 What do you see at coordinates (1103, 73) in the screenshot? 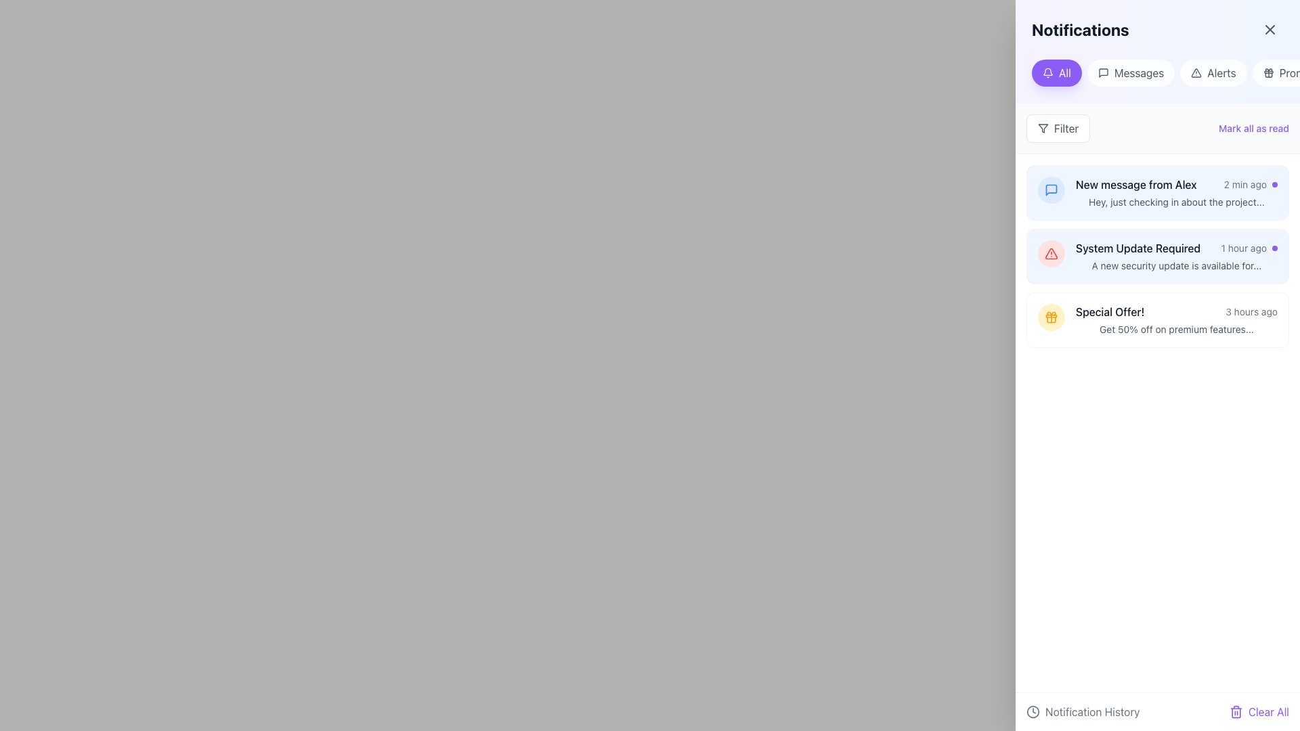
I see `the message icon located to the left of the 'Messages' text within the button under the notifications header` at bounding box center [1103, 73].